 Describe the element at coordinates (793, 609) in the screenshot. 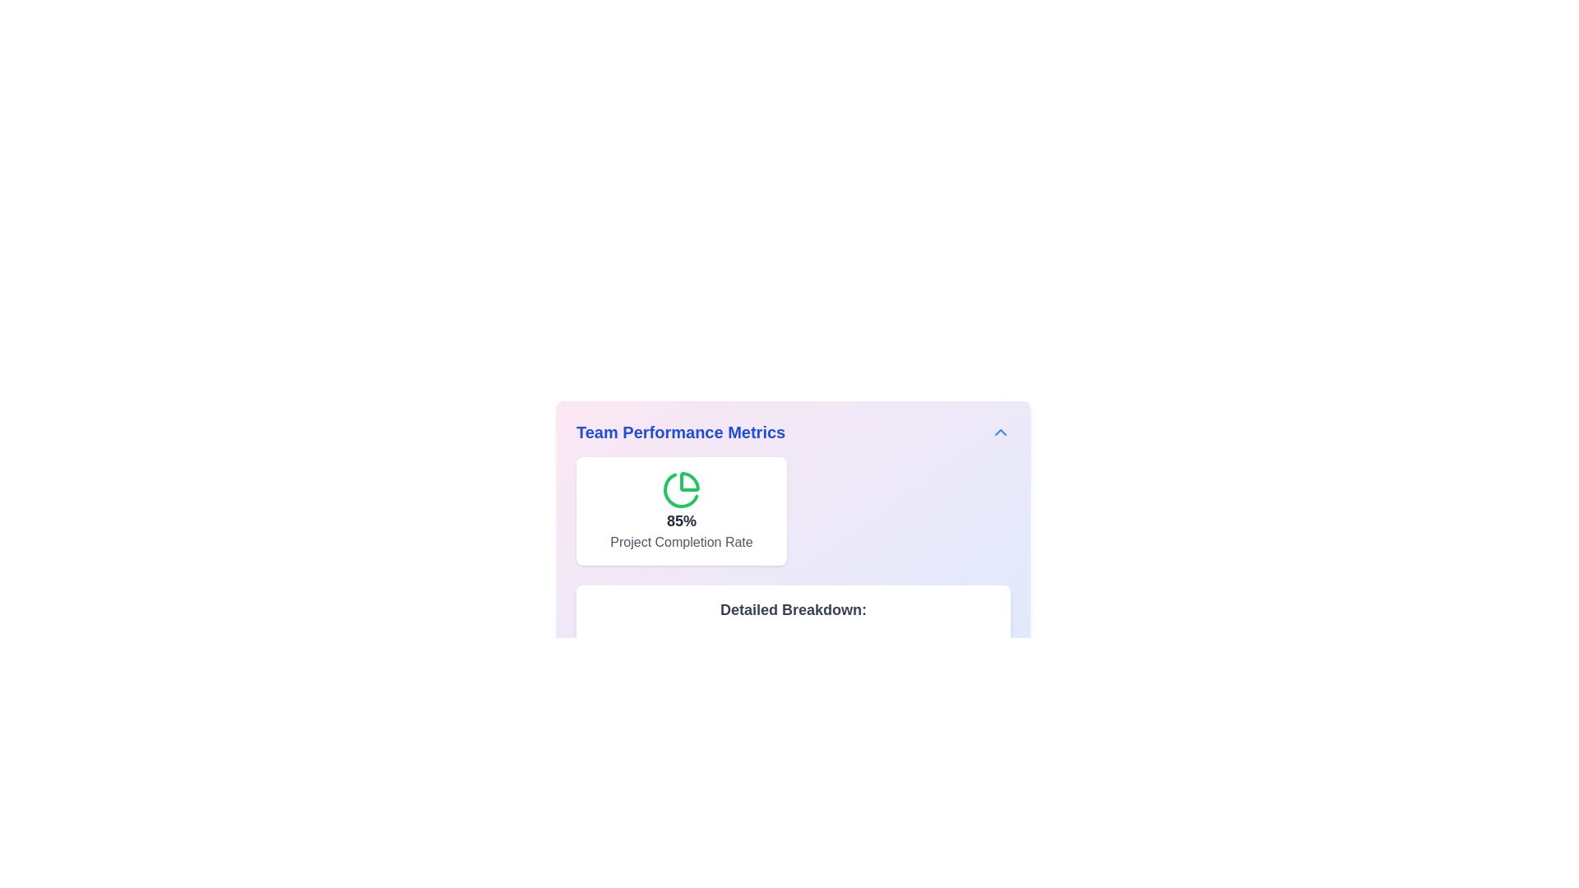

I see `the text label 'Detailed Breakdown:' which is styled in bold and larger font, presented in dark gray color, serving as a heading for surrounding content` at that location.